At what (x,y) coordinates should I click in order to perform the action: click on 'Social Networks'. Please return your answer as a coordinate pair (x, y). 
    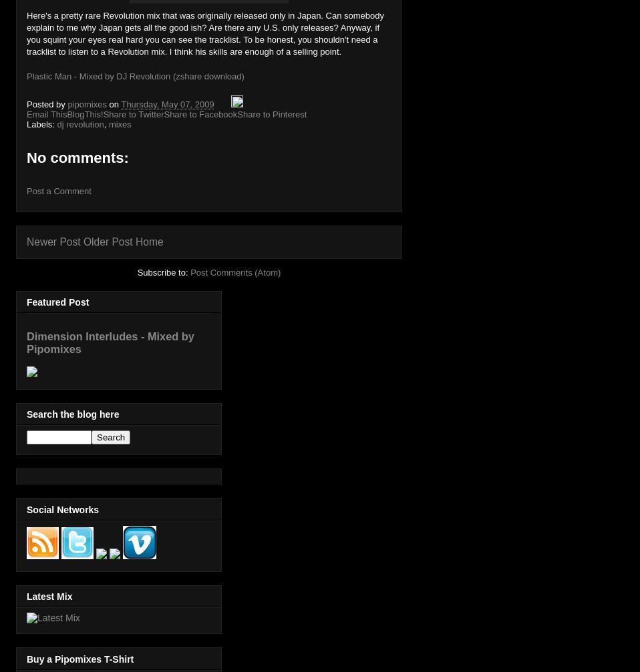
    Looking at the image, I should click on (62, 509).